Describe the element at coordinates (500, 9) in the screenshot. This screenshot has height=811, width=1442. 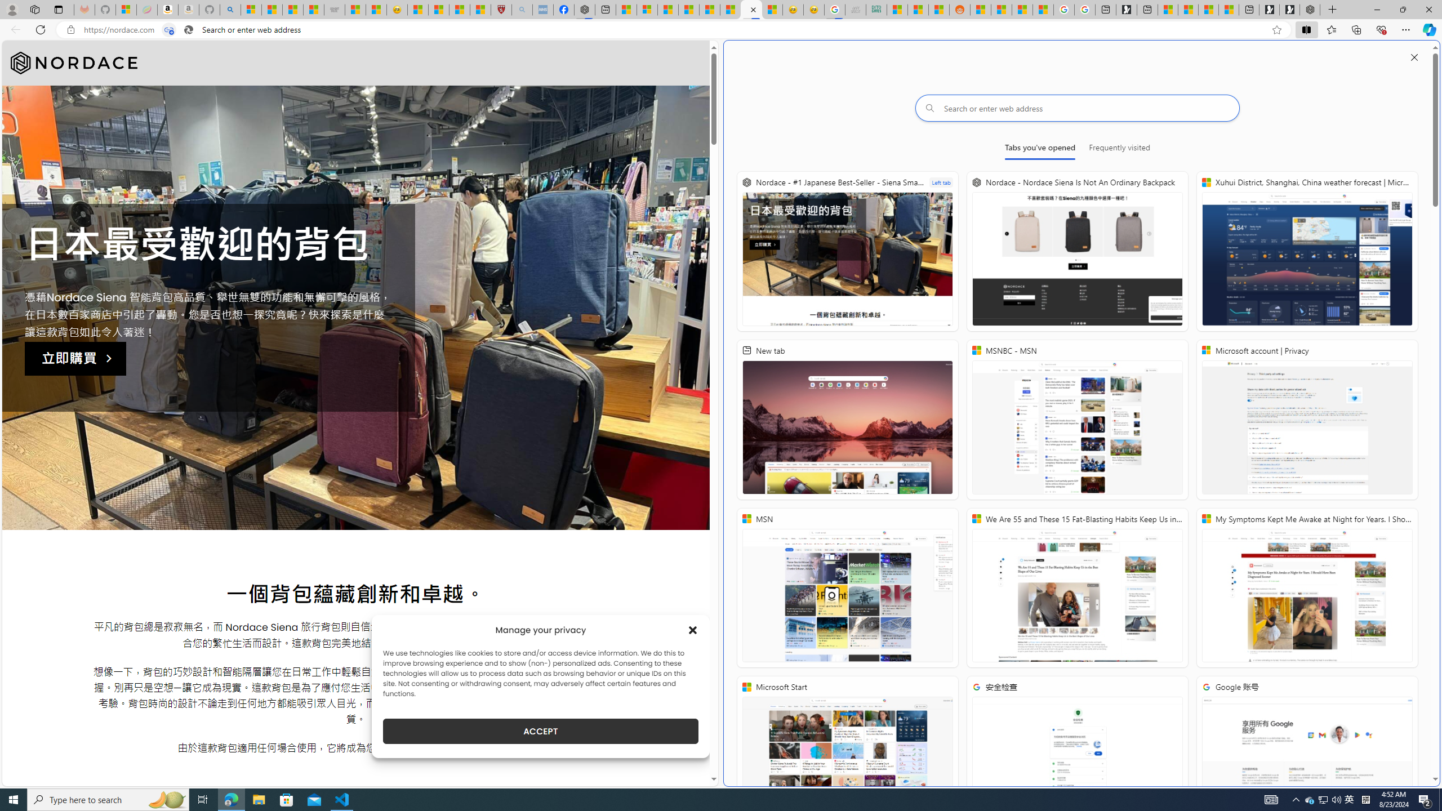
I see `'Robert H. Shmerling, MD - Harvard Health'` at that location.